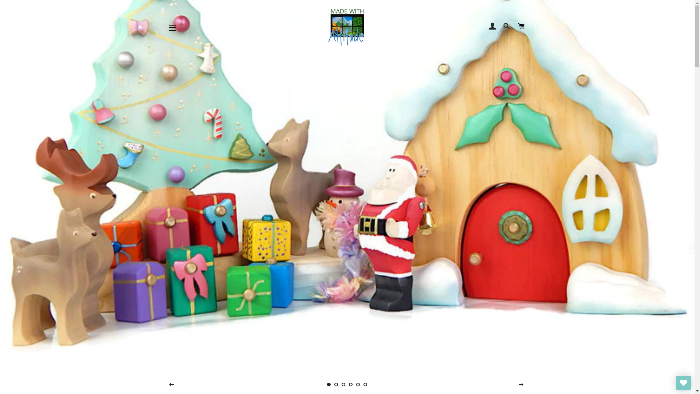 This screenshot has width=700, height=394. What do you see at coordinates (506, 26) in the screenshot?
I see `'SEARCH'` at bounding box center [506, 26].